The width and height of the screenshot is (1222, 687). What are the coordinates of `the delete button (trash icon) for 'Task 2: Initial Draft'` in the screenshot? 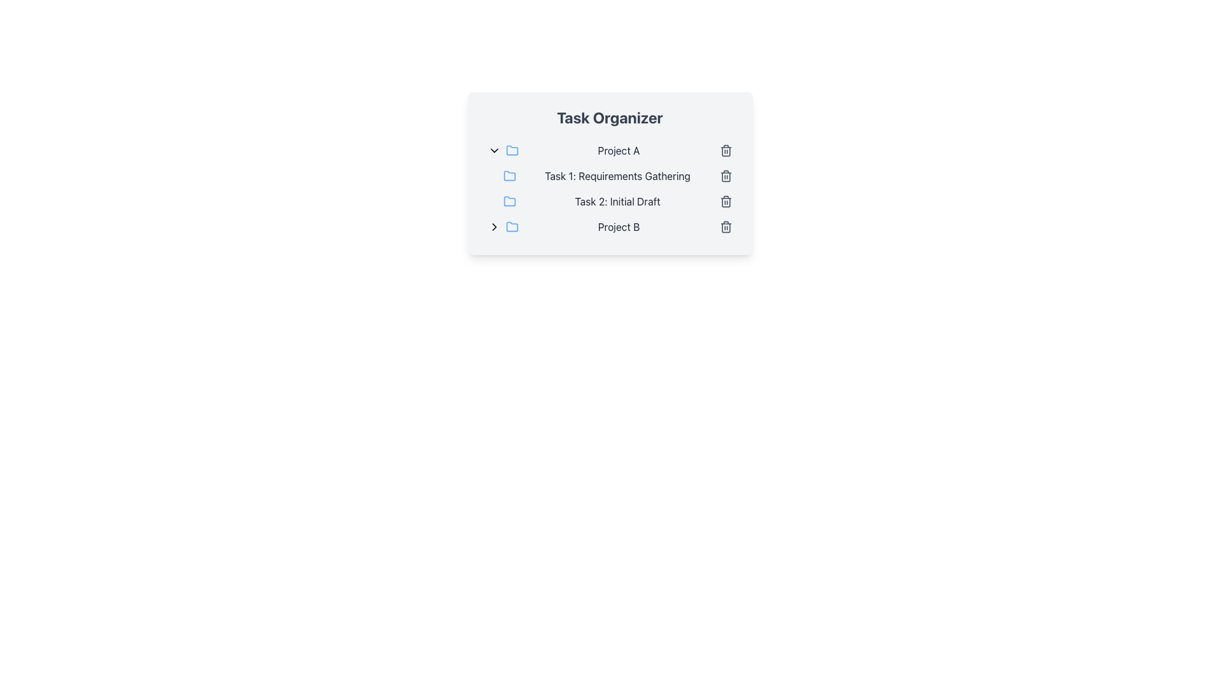 It's located at (726, 200).